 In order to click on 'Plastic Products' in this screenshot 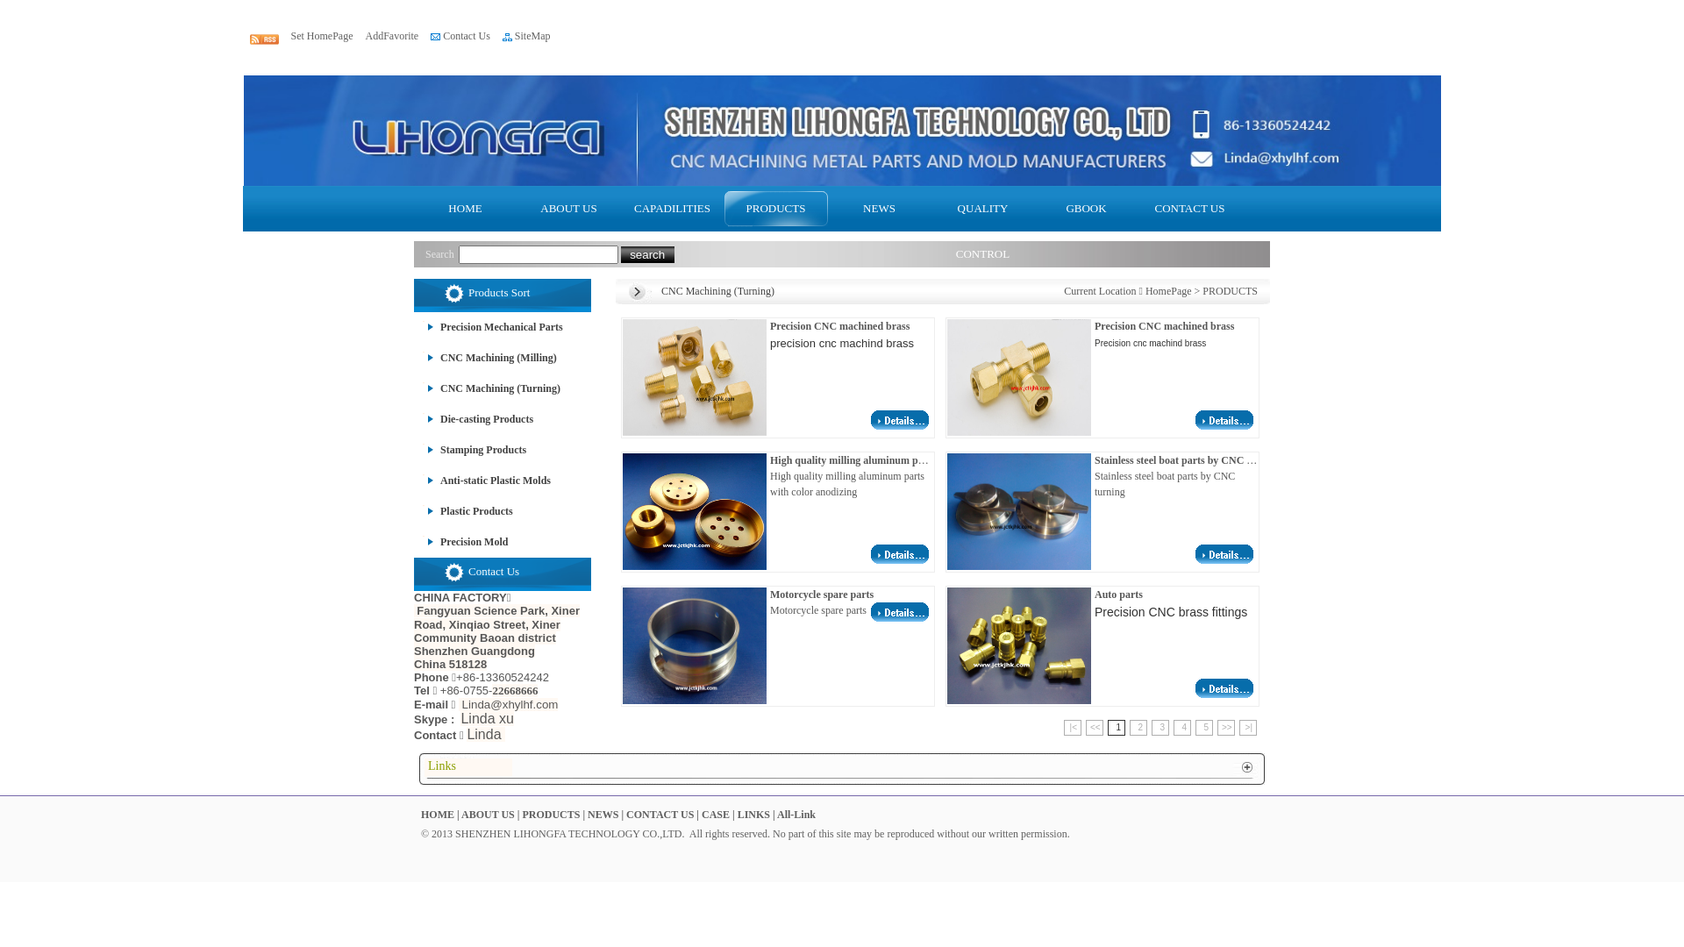, I will do `click(463, 510)`.